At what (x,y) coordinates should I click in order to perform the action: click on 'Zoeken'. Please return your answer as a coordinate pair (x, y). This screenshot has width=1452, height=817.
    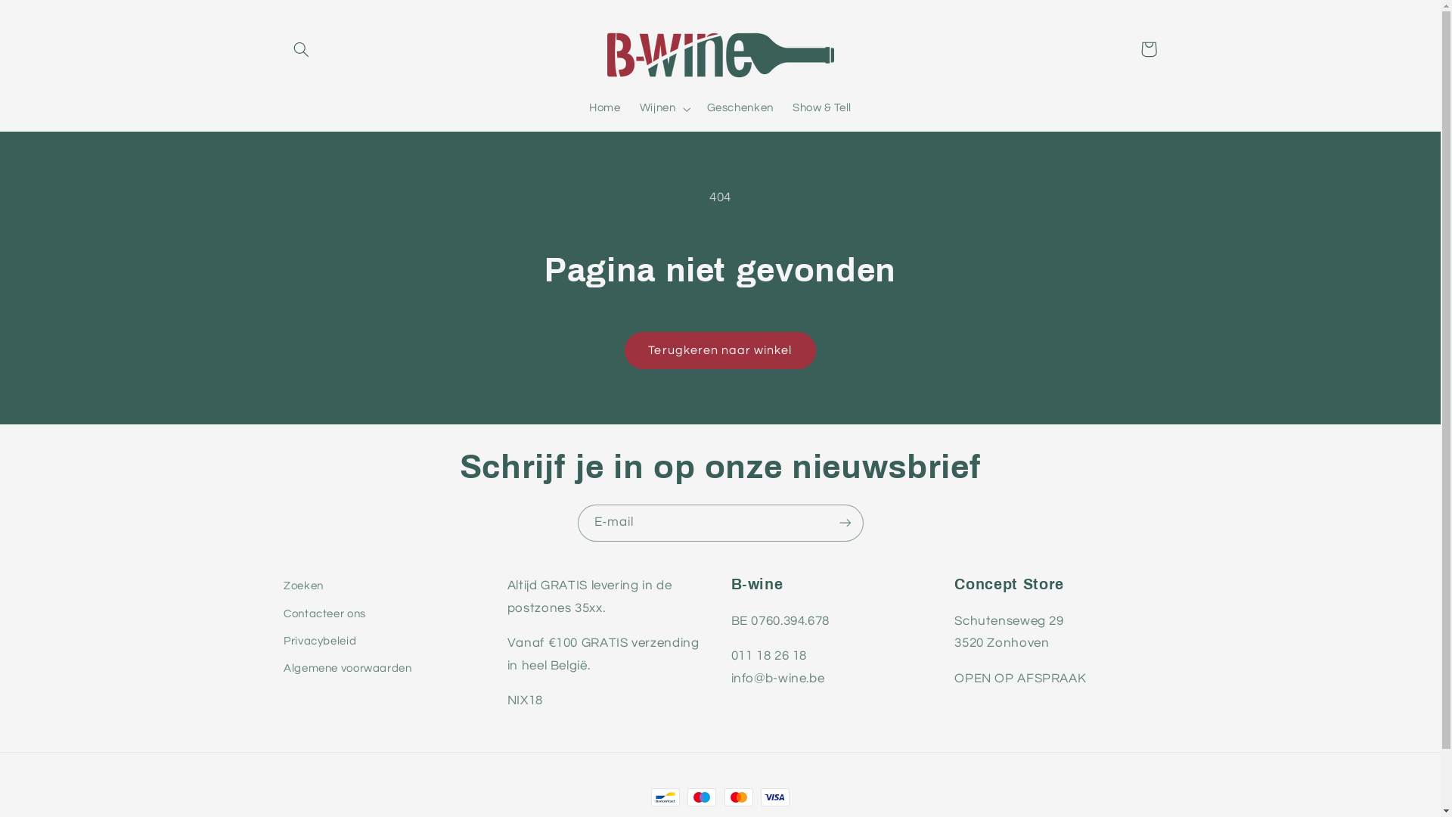
    Looking at the image, I should click on (302, 587).